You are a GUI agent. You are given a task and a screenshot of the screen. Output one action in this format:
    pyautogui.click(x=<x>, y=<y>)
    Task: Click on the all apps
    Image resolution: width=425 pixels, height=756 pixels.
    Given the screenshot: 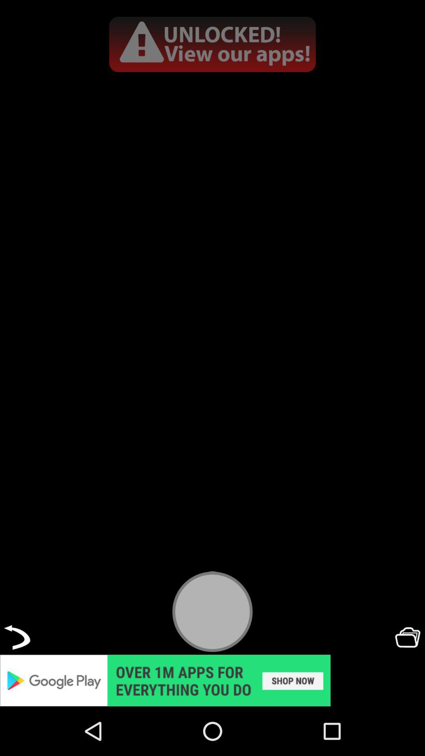 What is the action you would take?
    pyautogui.click(x=213, y=44)
    